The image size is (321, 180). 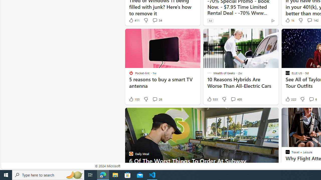 What do you see at coordinates (212, 99) in the screenshot?
I see `'533 Like'` at bounding box center [212, 99].